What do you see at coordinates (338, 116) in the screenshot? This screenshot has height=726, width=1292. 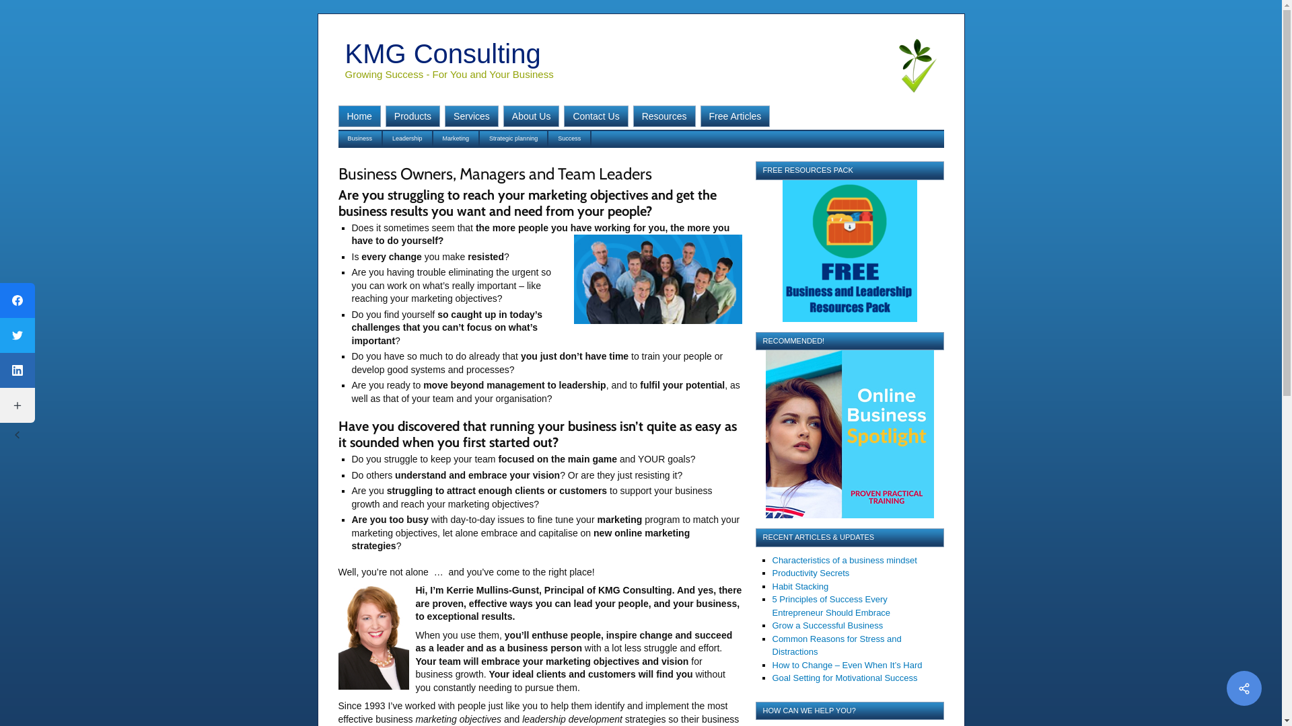 I see `'Home'` at bounding box center [338, 116].